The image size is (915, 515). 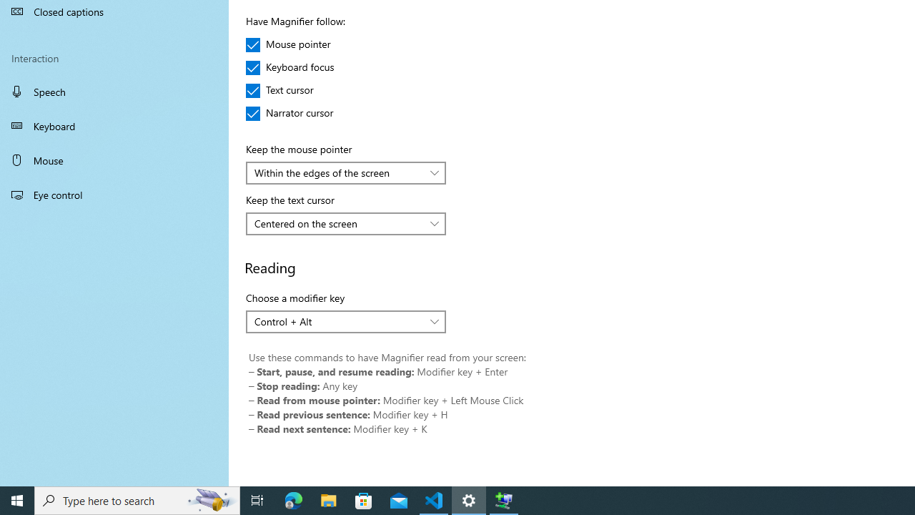 What do you see at coordinates (346, 223) in the screenshot?
I see `'Keep the text cursor'` at bounding box center [346, 223].